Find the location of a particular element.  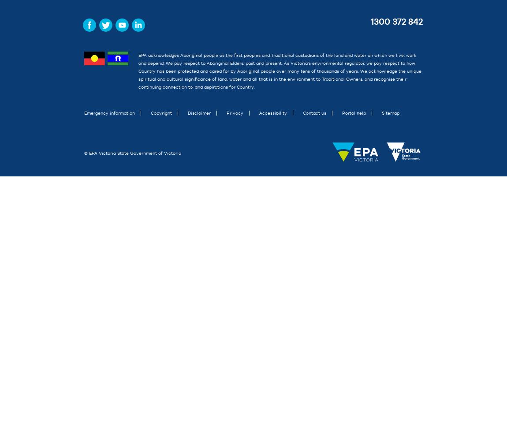

'Portal help' is located at coordinates (354, 113).